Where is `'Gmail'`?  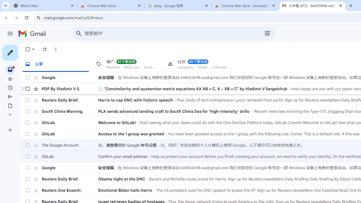 'Gmail' is located at coordinates (33, 34).